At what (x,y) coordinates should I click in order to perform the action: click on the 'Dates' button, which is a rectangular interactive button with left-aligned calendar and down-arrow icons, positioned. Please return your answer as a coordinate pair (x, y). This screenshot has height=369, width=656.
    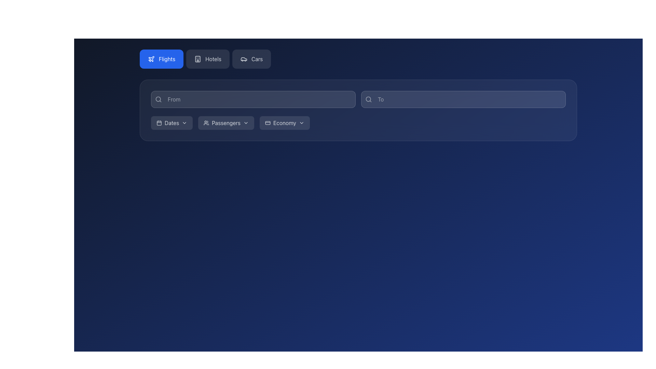
    Looking at the image, I should click on (172, 122).